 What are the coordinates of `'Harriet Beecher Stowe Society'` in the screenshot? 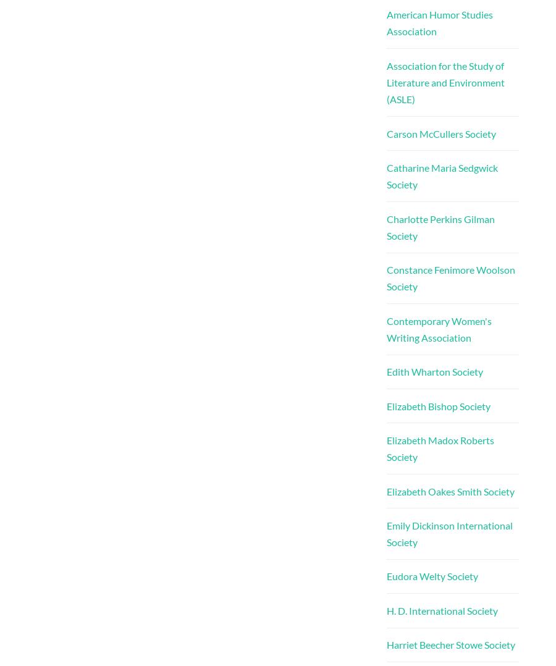 It's located at (385, 644).